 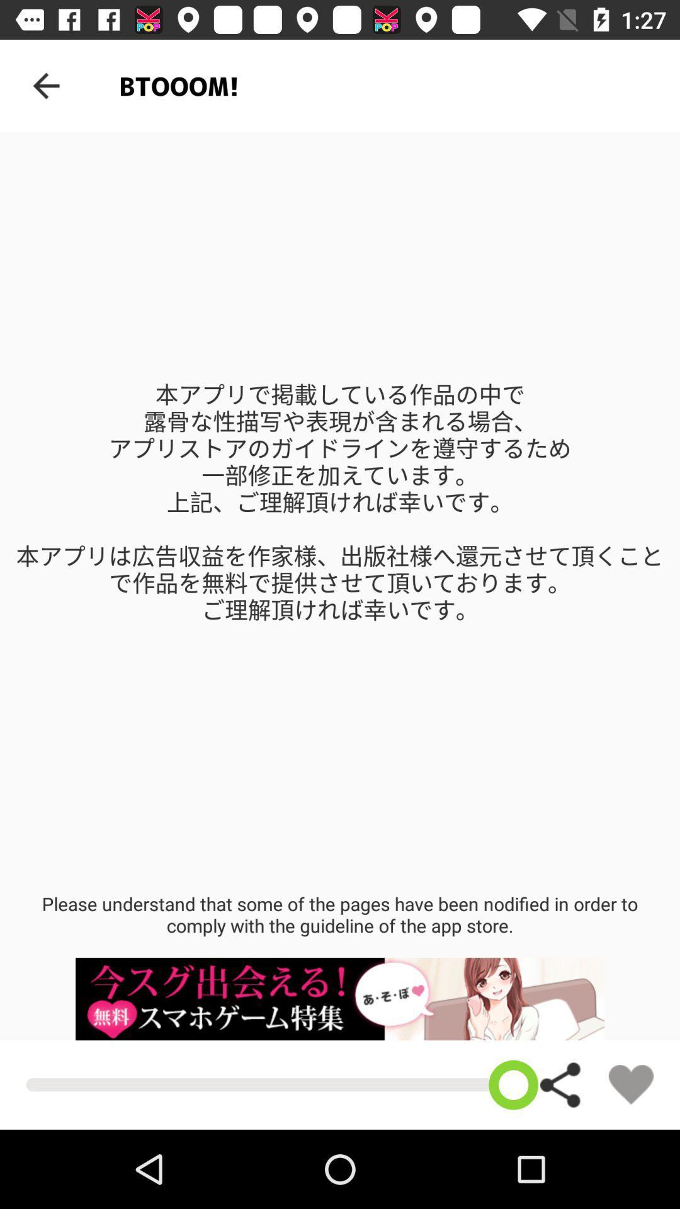 What do you see at coordinates (631, 1084) in the screenshot?
I see `like content on page` at bounding box center [631, 1084].